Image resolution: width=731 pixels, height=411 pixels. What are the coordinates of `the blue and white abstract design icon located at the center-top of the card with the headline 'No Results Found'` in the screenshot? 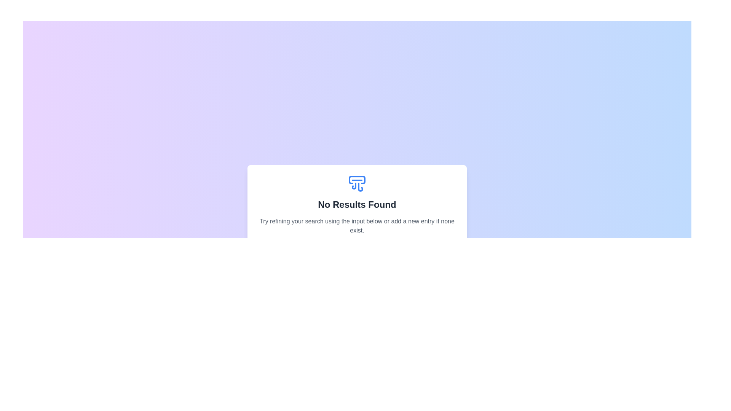 It's located at (356, 183).